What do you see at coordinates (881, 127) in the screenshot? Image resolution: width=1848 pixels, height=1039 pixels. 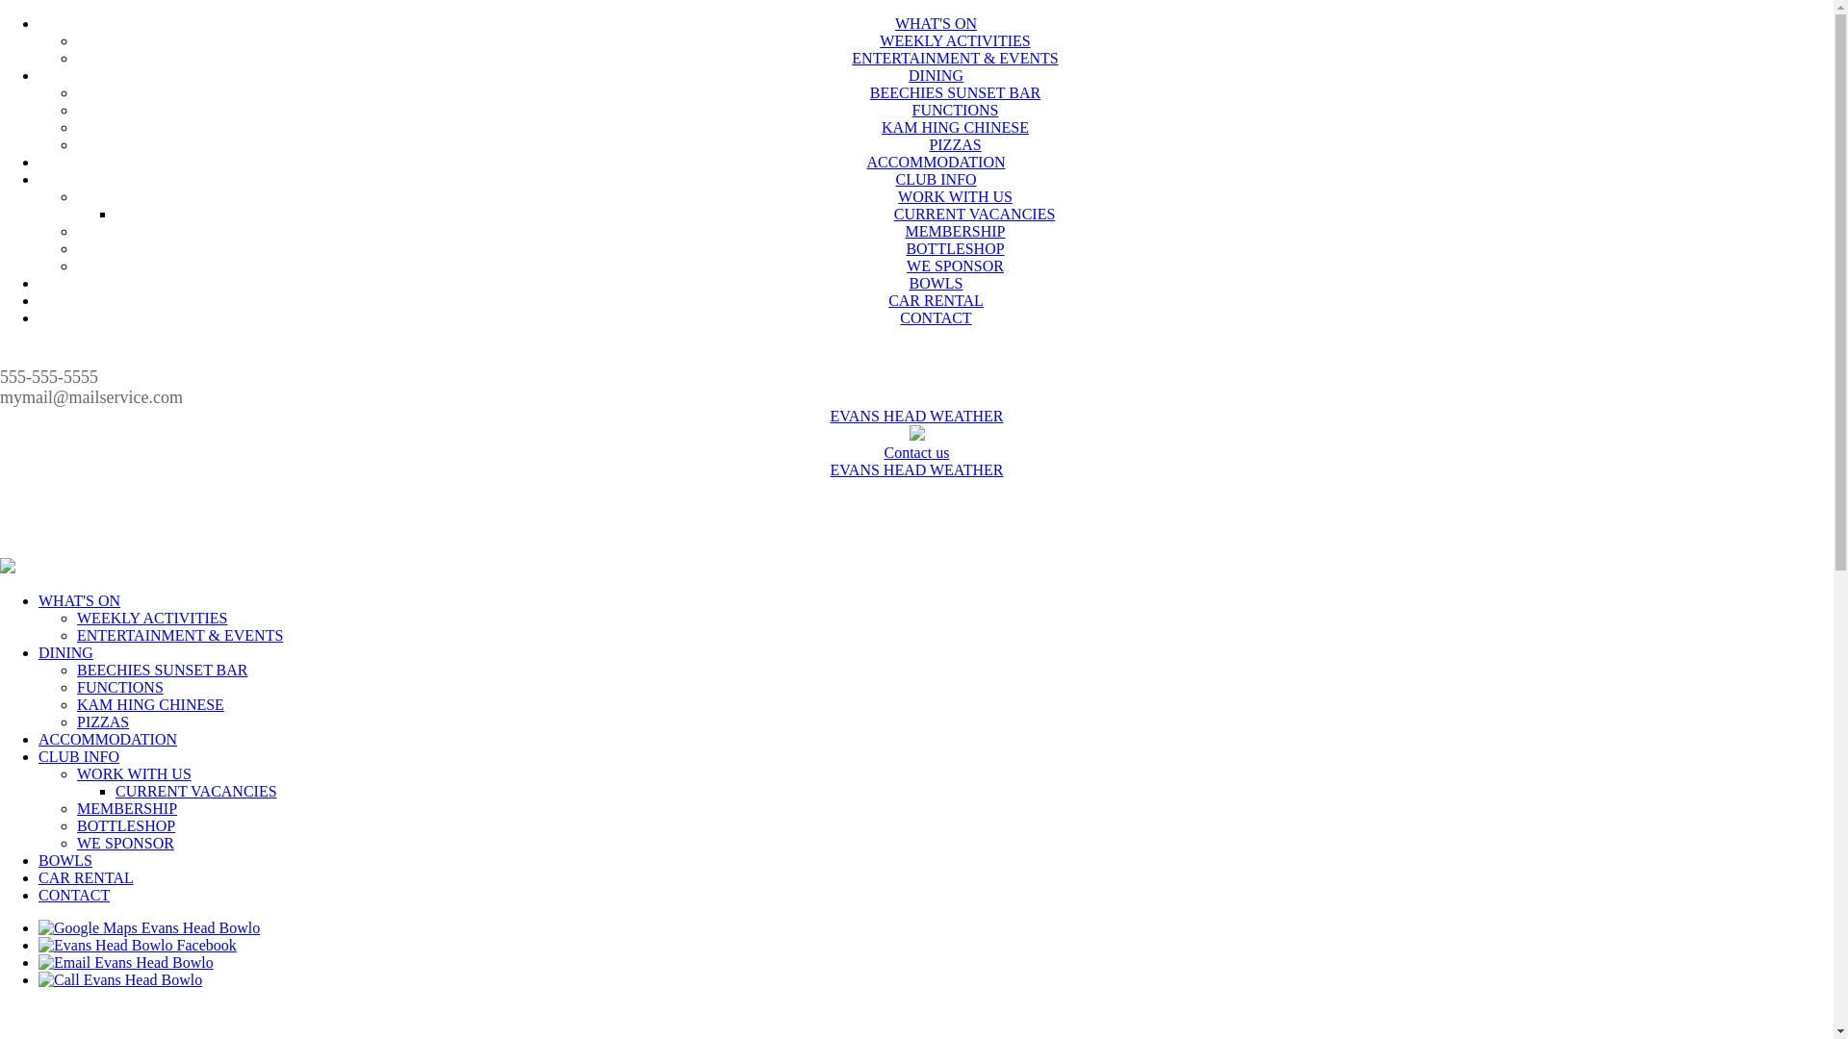 I see `'KAM HING CHINESE'` at bounding box center [881, 127].